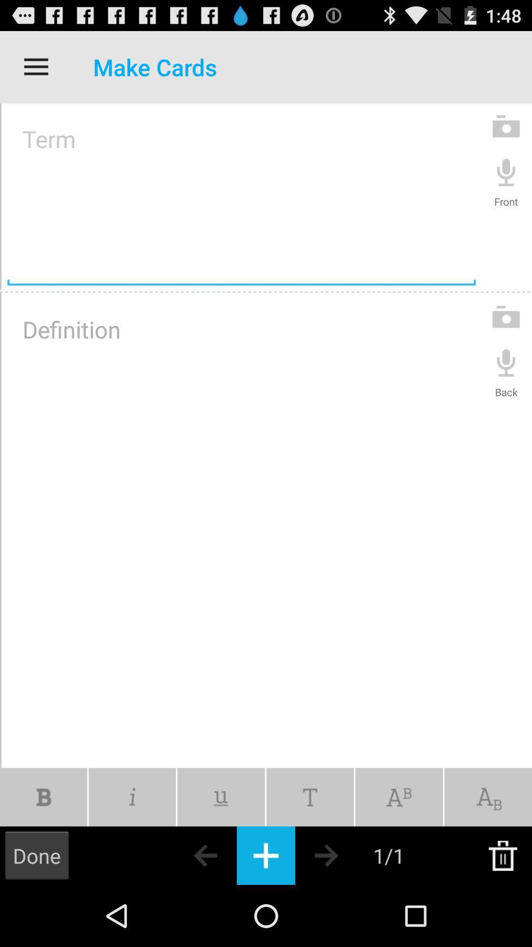 The height and width of the screenshot is (947, 532). Describe the element at coordinates (35, 67) in the screenshot. I see `icon next to make cards item` at that location.